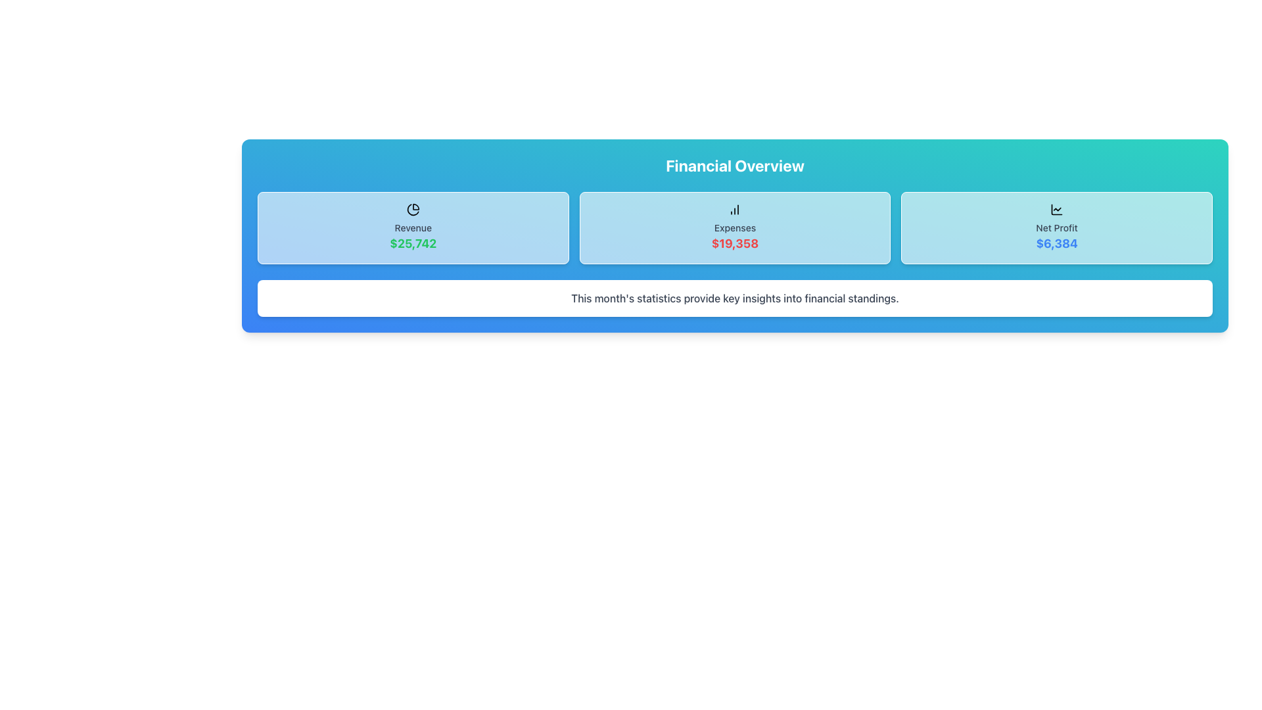 The height and width of the screenshot is (710, 1262). Describe the element at coordinates (734, 227) in the screenshot. I see `the 'Expenses' text label, which is styled in medium font, small size, and moderate gray color, located centrally above the monetary value of '$19,358' within a blue background card` at that location.